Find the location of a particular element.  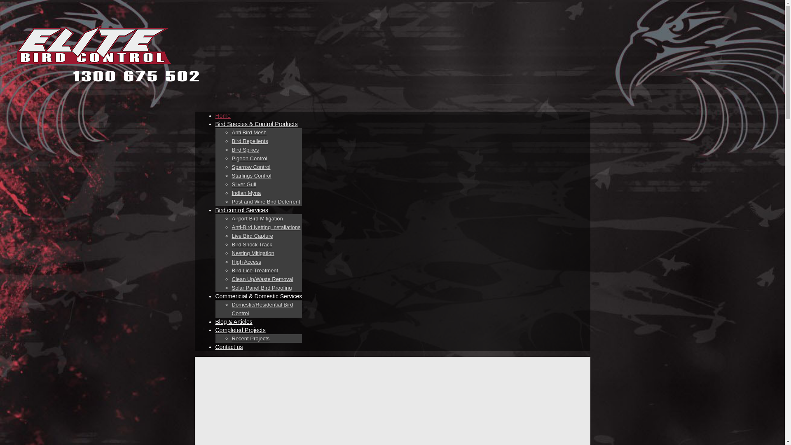

'Bird Shock Track' is located at coordinates (251, 244).